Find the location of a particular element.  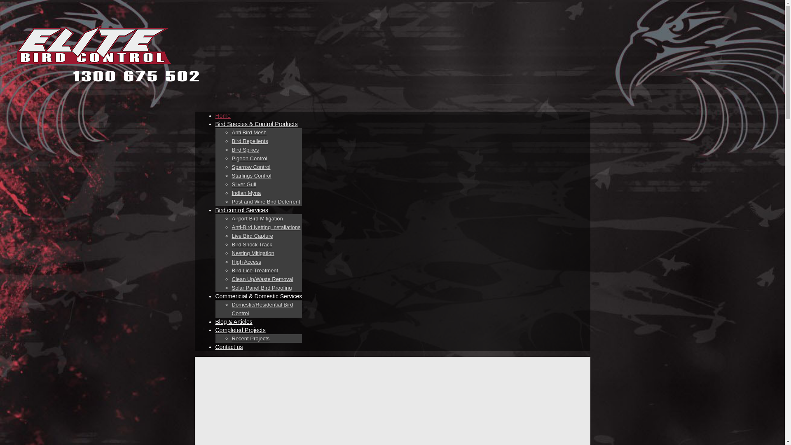

'Bird Shock Track' is located at coordinates (251, 244).